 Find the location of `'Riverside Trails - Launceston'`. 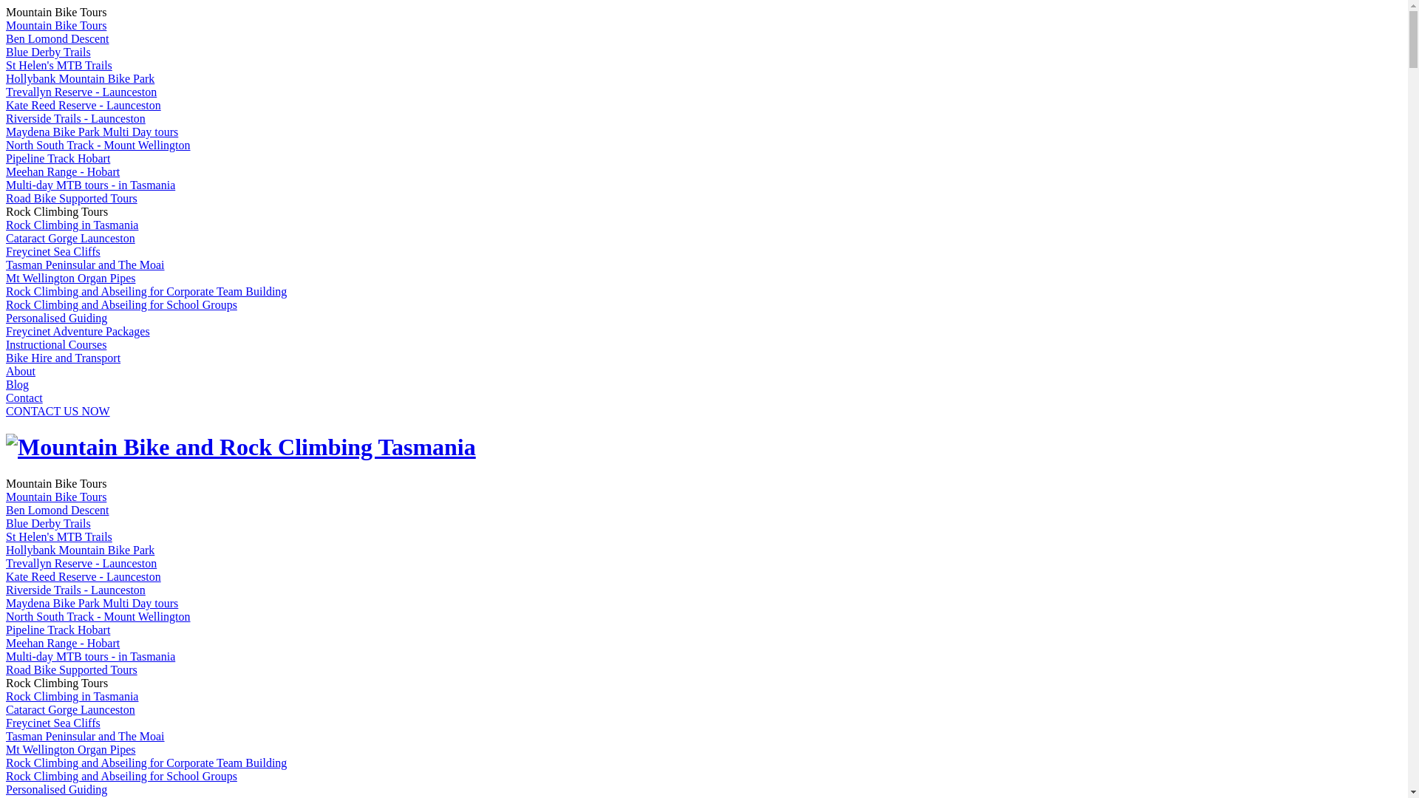

'Riverside Trails - Launceston' is located at coordinates (75, 117).